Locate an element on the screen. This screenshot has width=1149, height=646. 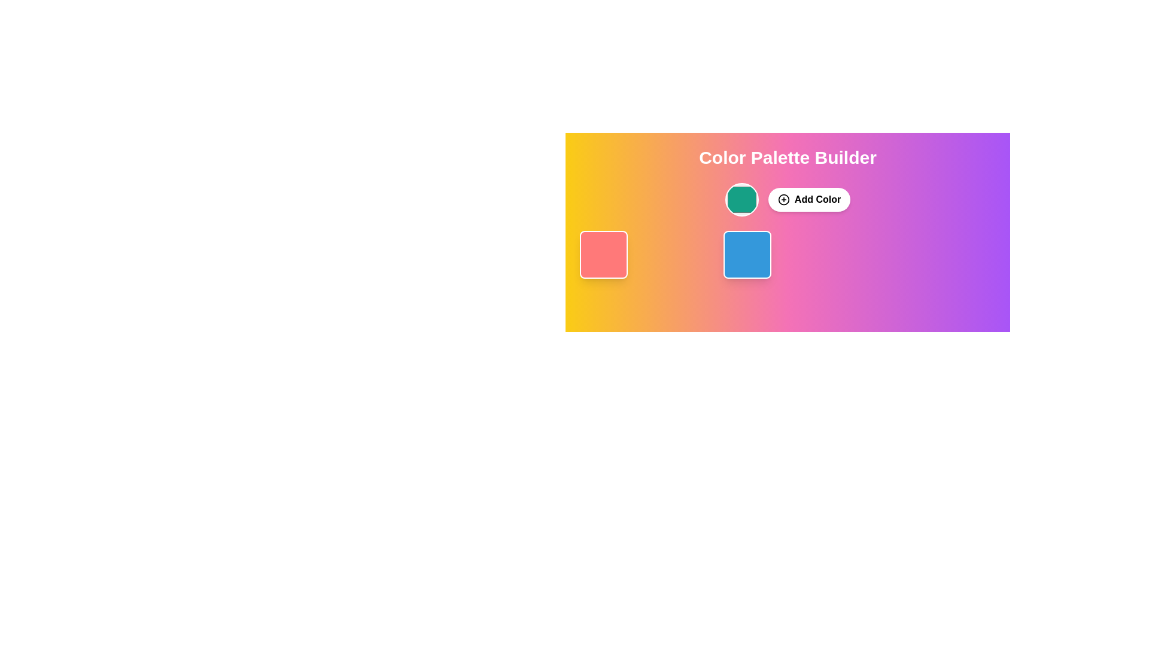
the button for adding new colors to the palette, located under the 'Color Palette Builder' header is located at coordinates (788, 199).